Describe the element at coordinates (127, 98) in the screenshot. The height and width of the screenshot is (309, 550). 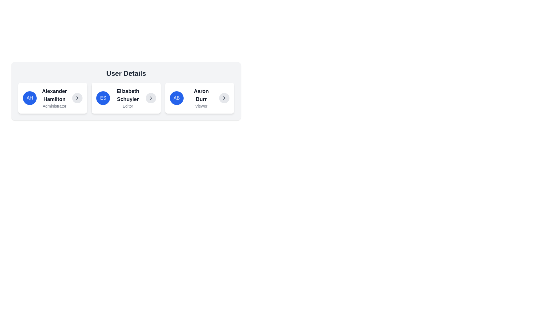
I see `the interactive elements surrounding the text display for the user 'Elizabeth Schuyler' in the second card under the 'User Details' header` at that location.